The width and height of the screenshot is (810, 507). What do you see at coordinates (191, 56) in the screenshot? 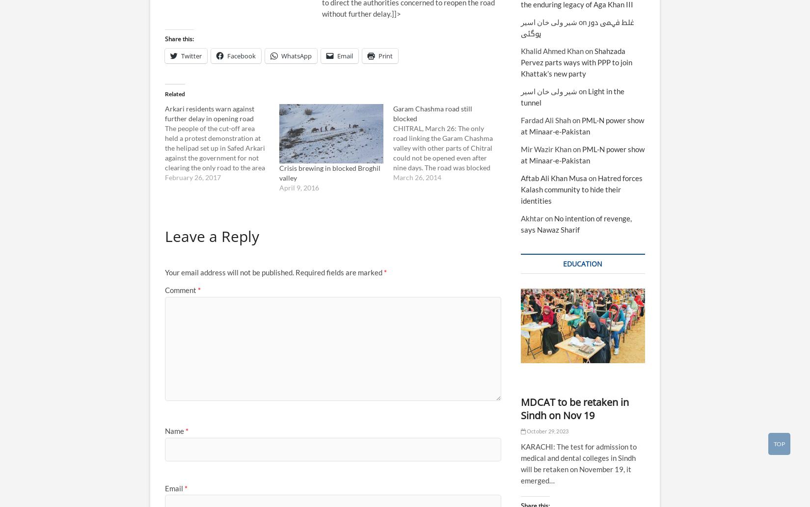
I see `'Twitter'` at bounding box center [191, 56].